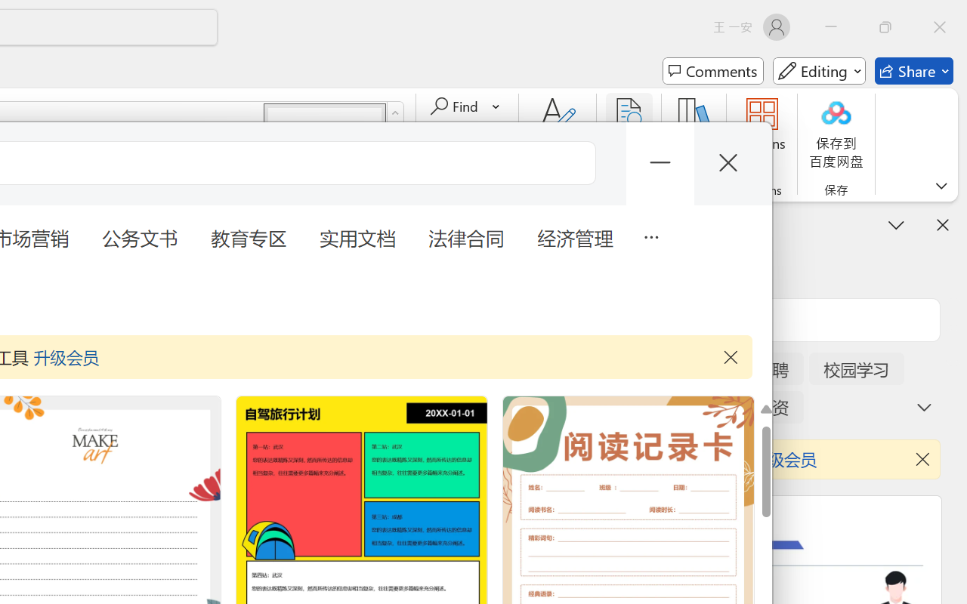 The width and height of the screenshot is (967, 604). Describe the element at coordinates (818, 71) in the screenshot. I see `'Mode'` at that location.